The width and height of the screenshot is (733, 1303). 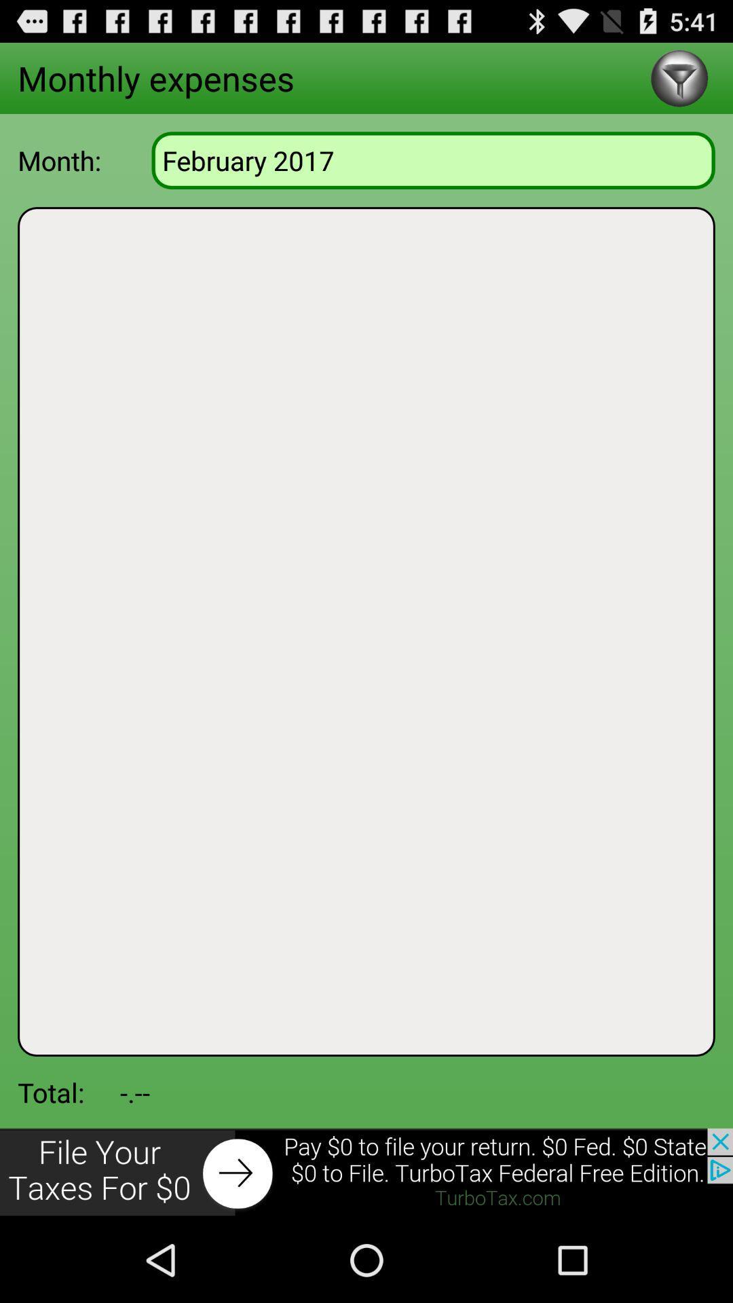 I want to click on advertisement, so click(x=366, y=1172).